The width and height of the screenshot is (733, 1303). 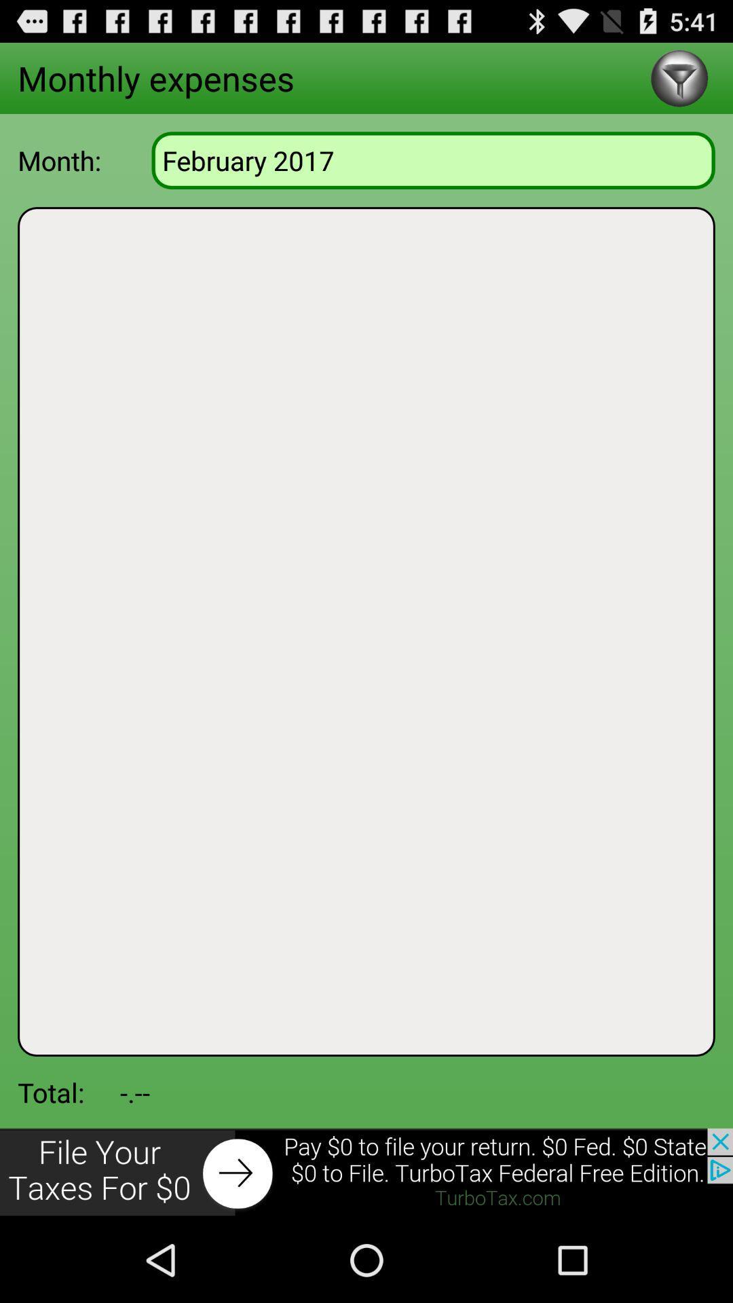 I want to click on advertisement, so click(x=366, y=1172).